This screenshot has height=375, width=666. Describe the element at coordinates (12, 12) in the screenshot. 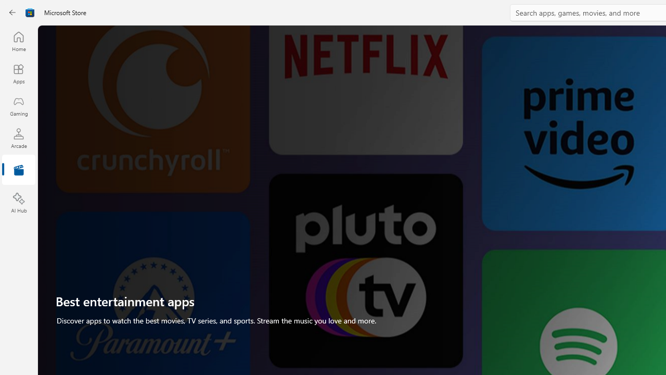

I see `'Back'` at that location.